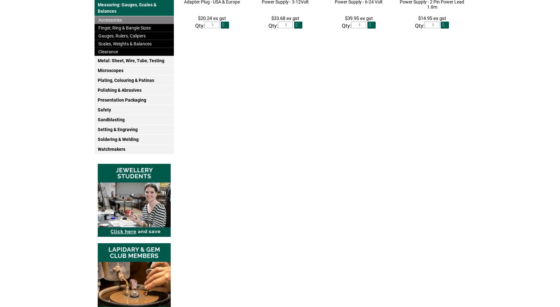 The height and width of the screenshot is (307, 560). I want to click on 'Finger, Ring & Bangle Sizes', so click(124, 28).